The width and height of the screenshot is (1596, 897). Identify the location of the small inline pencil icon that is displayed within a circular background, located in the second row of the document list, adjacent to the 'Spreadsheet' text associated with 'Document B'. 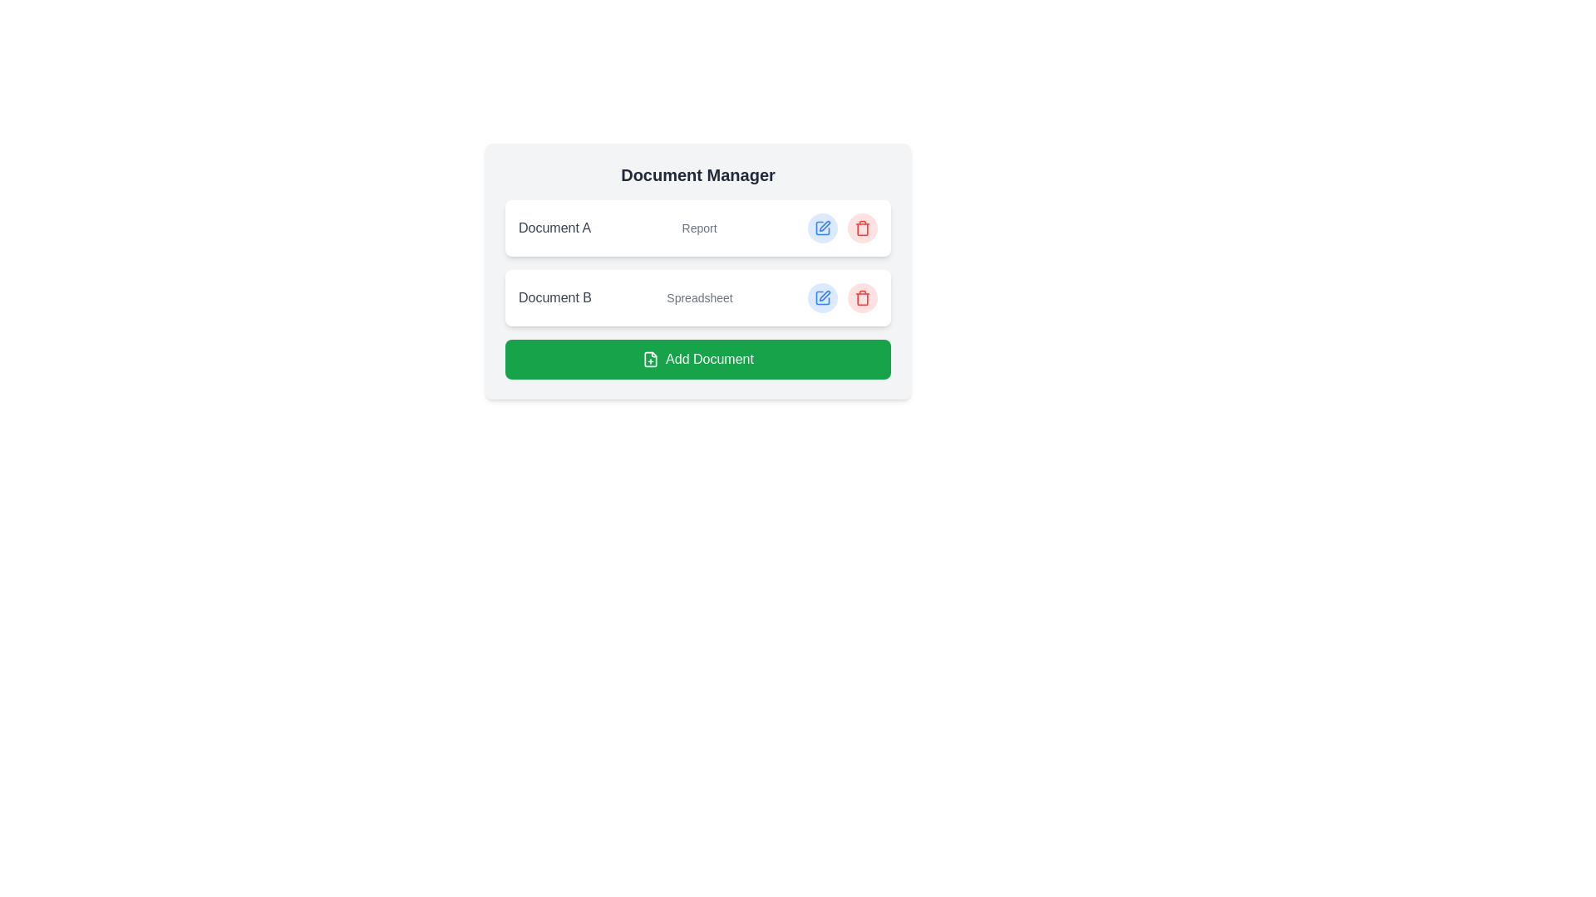
(825, 226).